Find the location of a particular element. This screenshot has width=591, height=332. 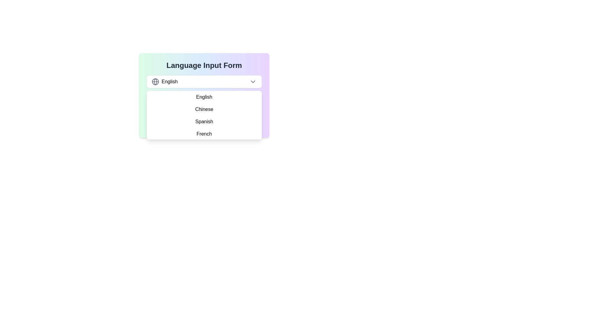

the globe-shaped icon with a circular outline, located to the left of the 'English' text in the language selection interface is located at coordinates (155, 81).